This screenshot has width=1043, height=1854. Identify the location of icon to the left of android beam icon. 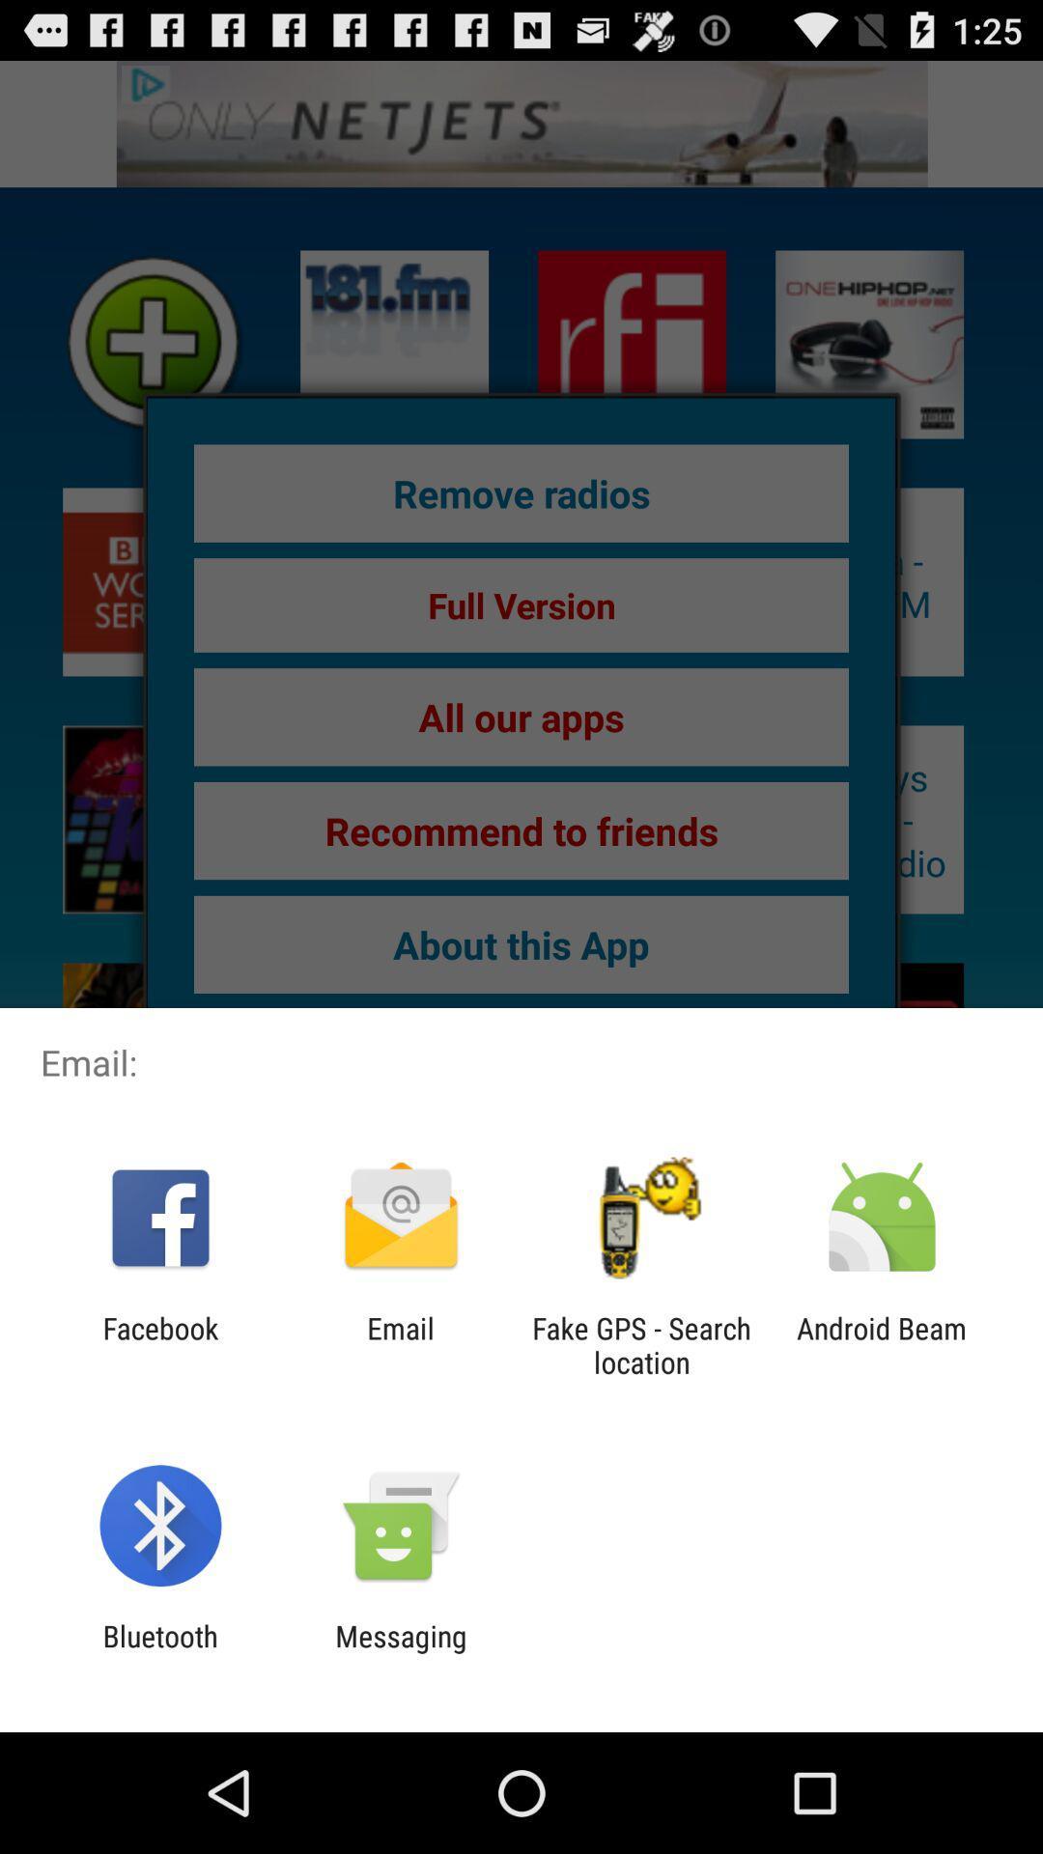
(641, 1344).